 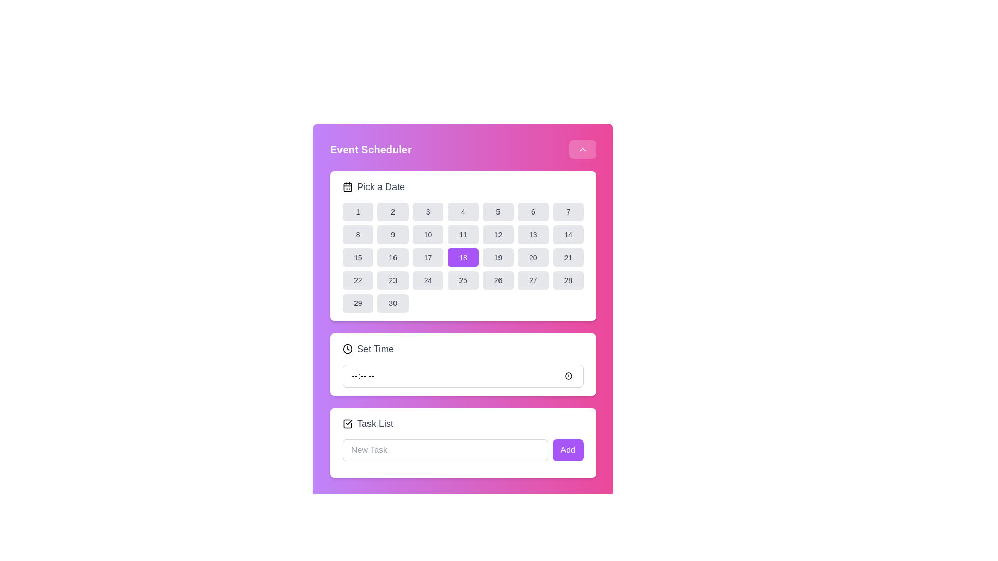 What do you see at coordinates (347, 349) in the screenshot?
I see `the clock icon, which is styled with a black stroke and located to the left of the 'Set Time' text label` at bounding box center [347, 349].